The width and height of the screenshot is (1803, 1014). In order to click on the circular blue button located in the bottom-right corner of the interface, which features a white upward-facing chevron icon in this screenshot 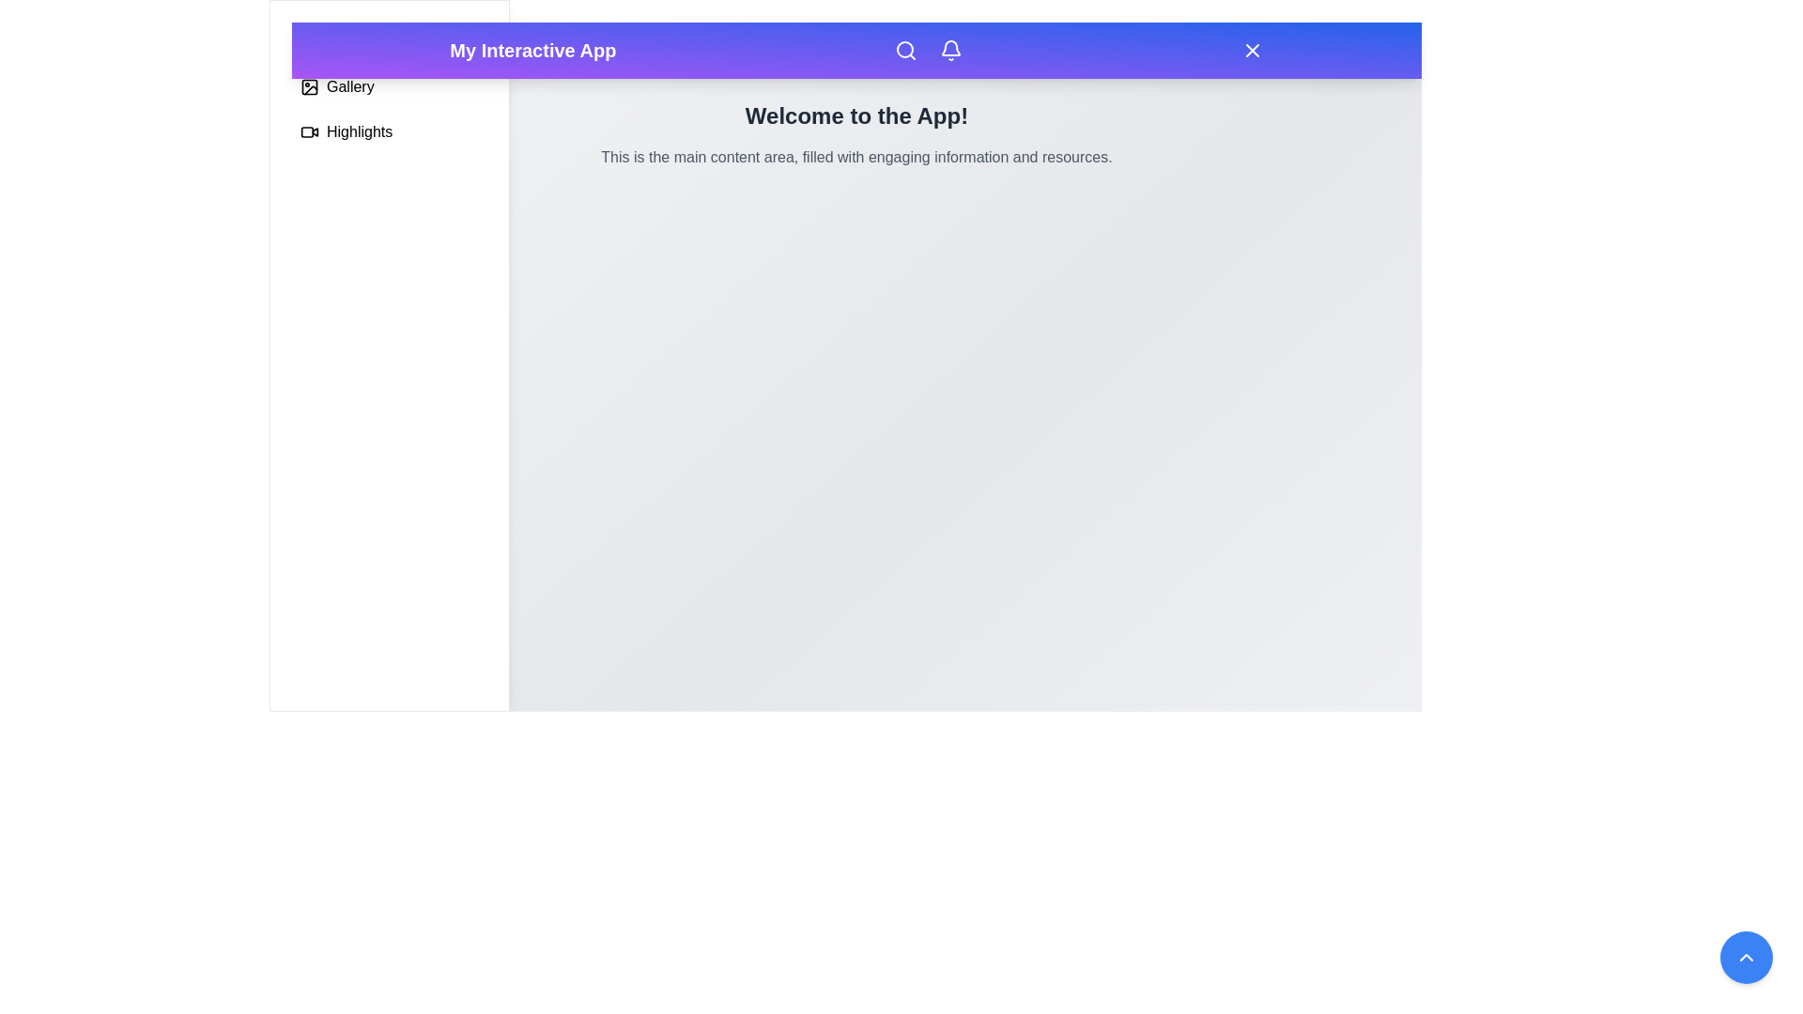, I will do `click(1746, 957)`.